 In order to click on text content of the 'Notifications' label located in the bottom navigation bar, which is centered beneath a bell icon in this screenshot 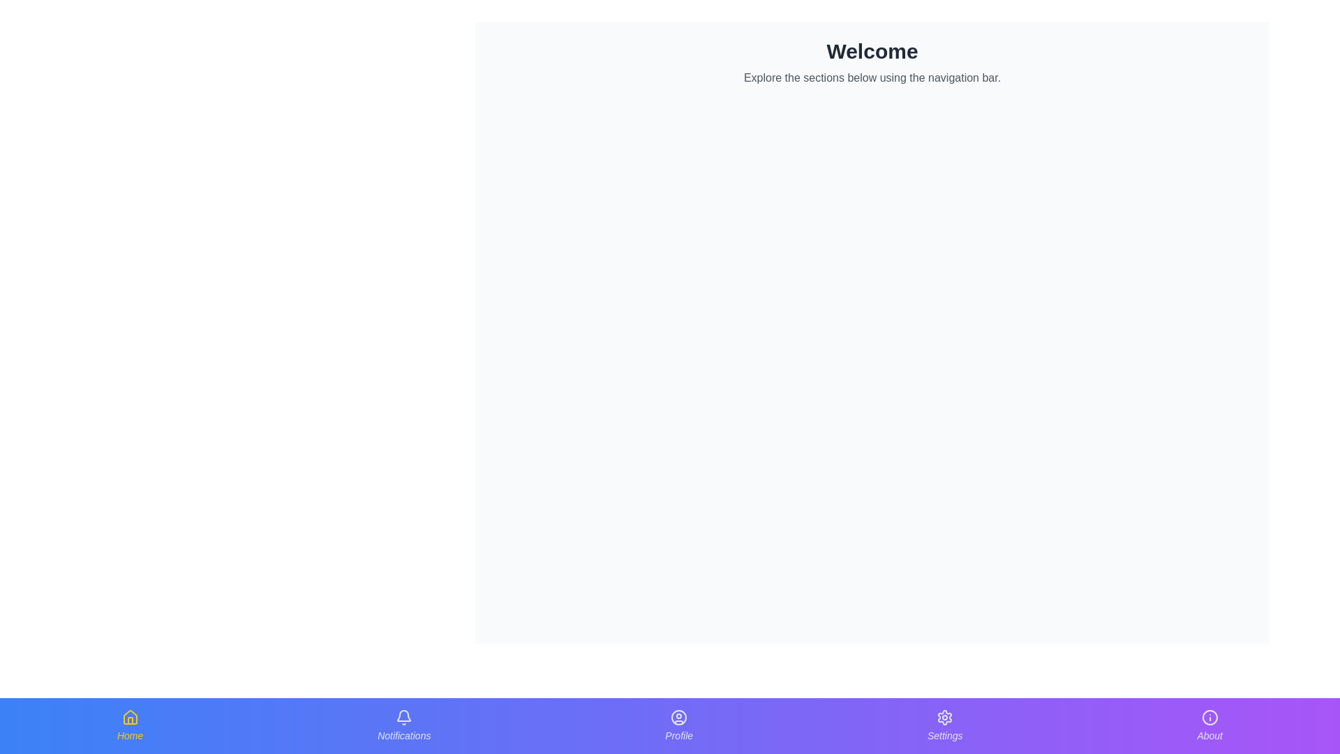, I will do `click(403, 734)`.